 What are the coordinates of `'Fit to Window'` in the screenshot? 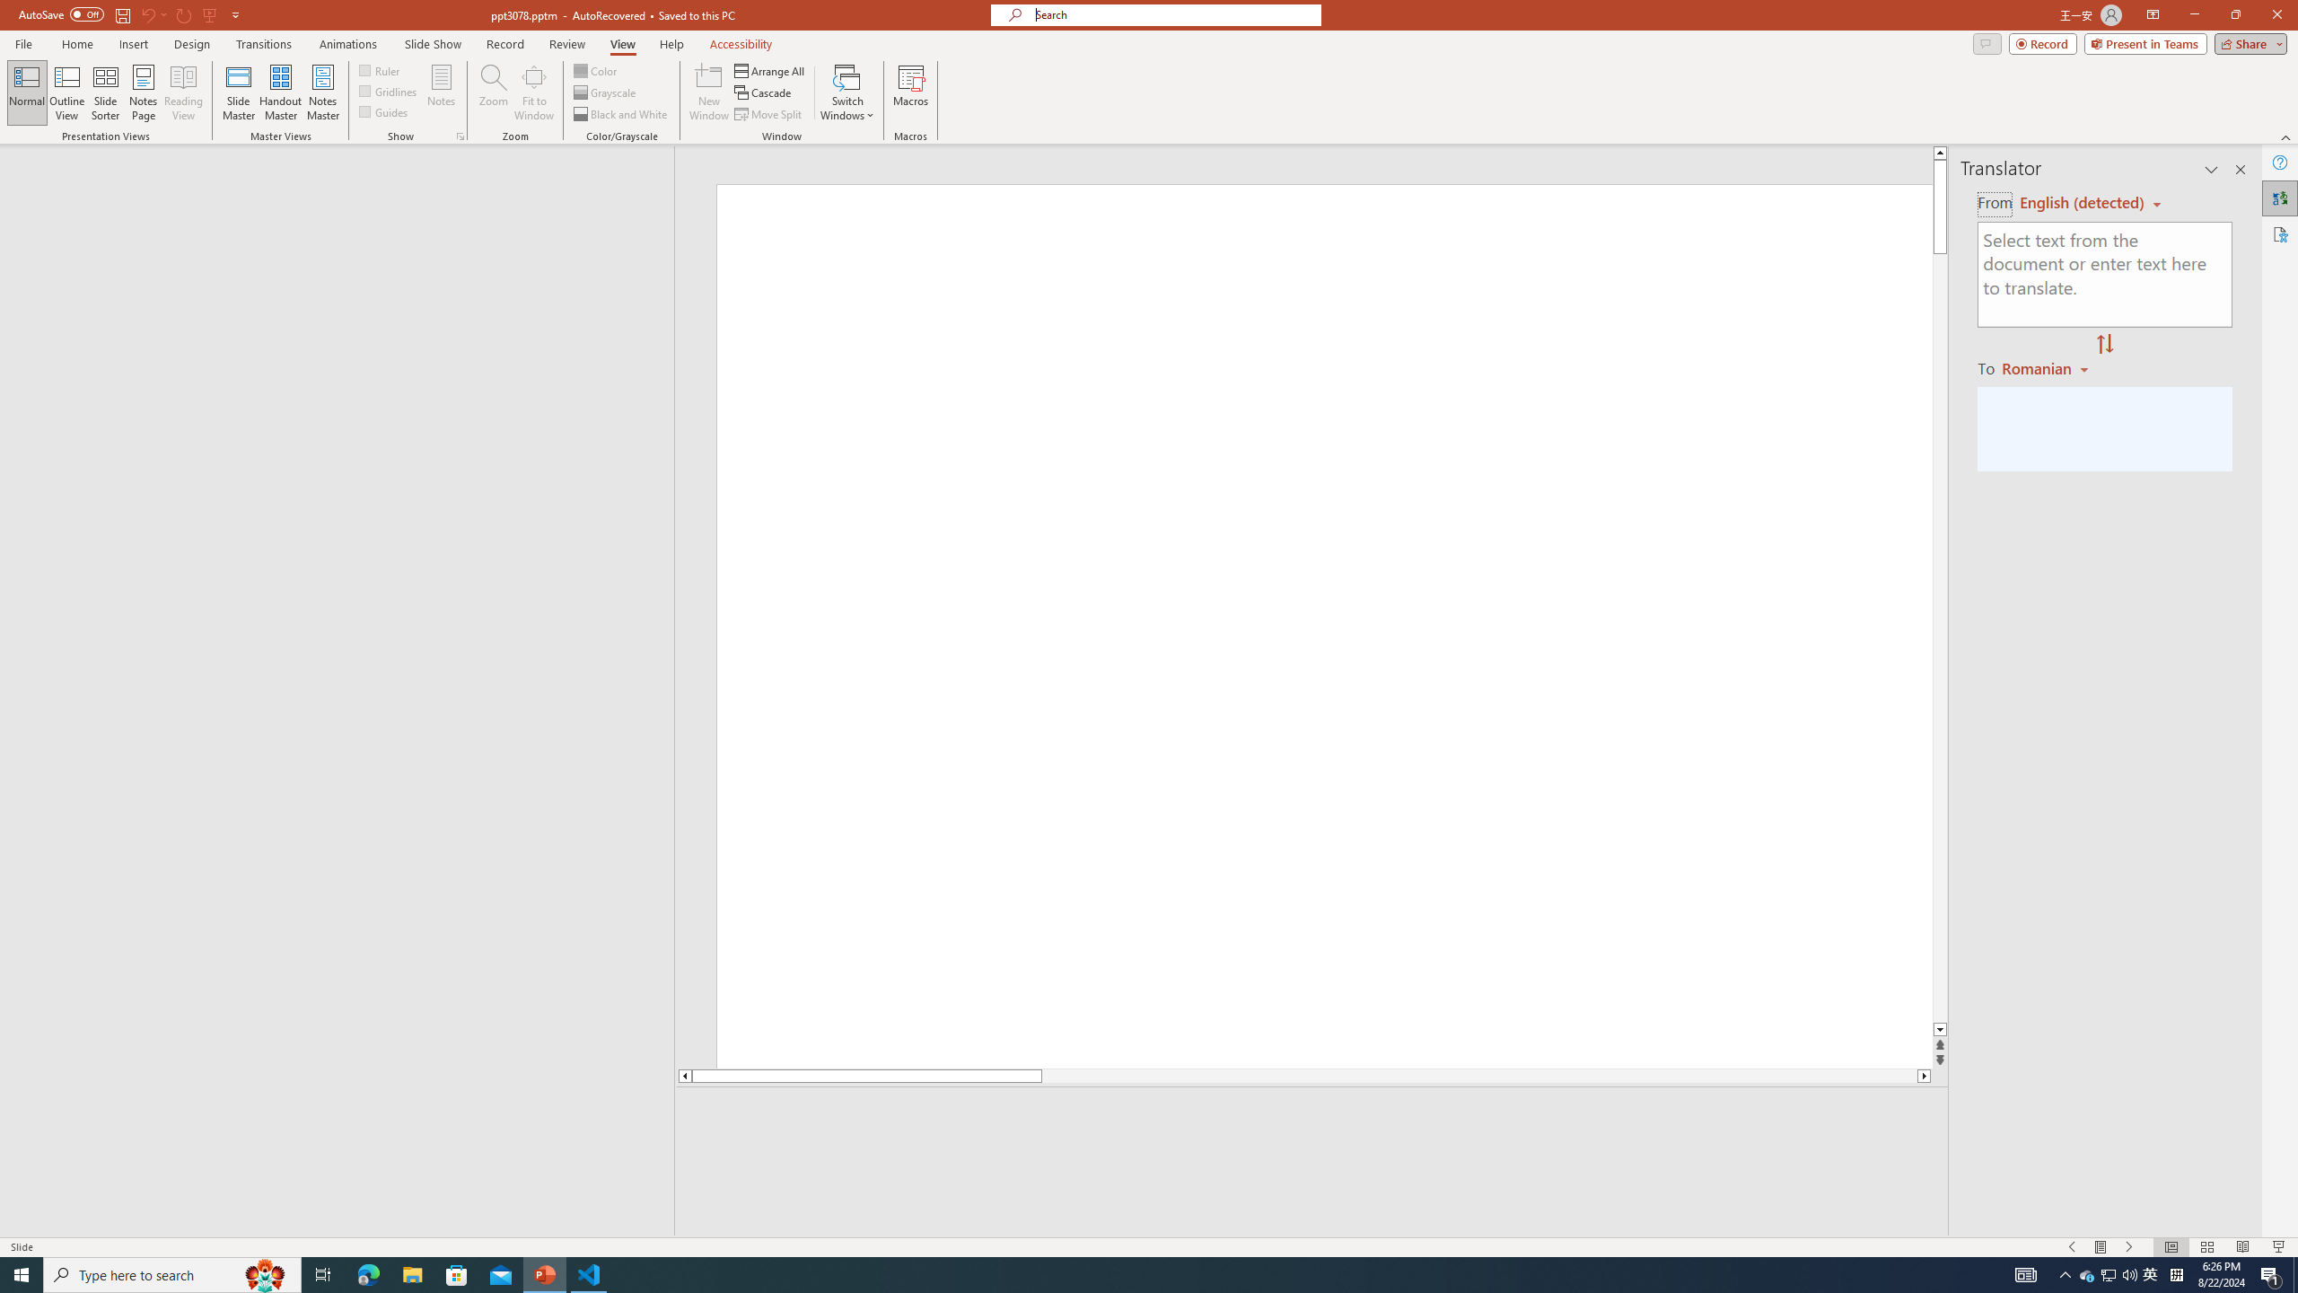 It's located at (534, 92).